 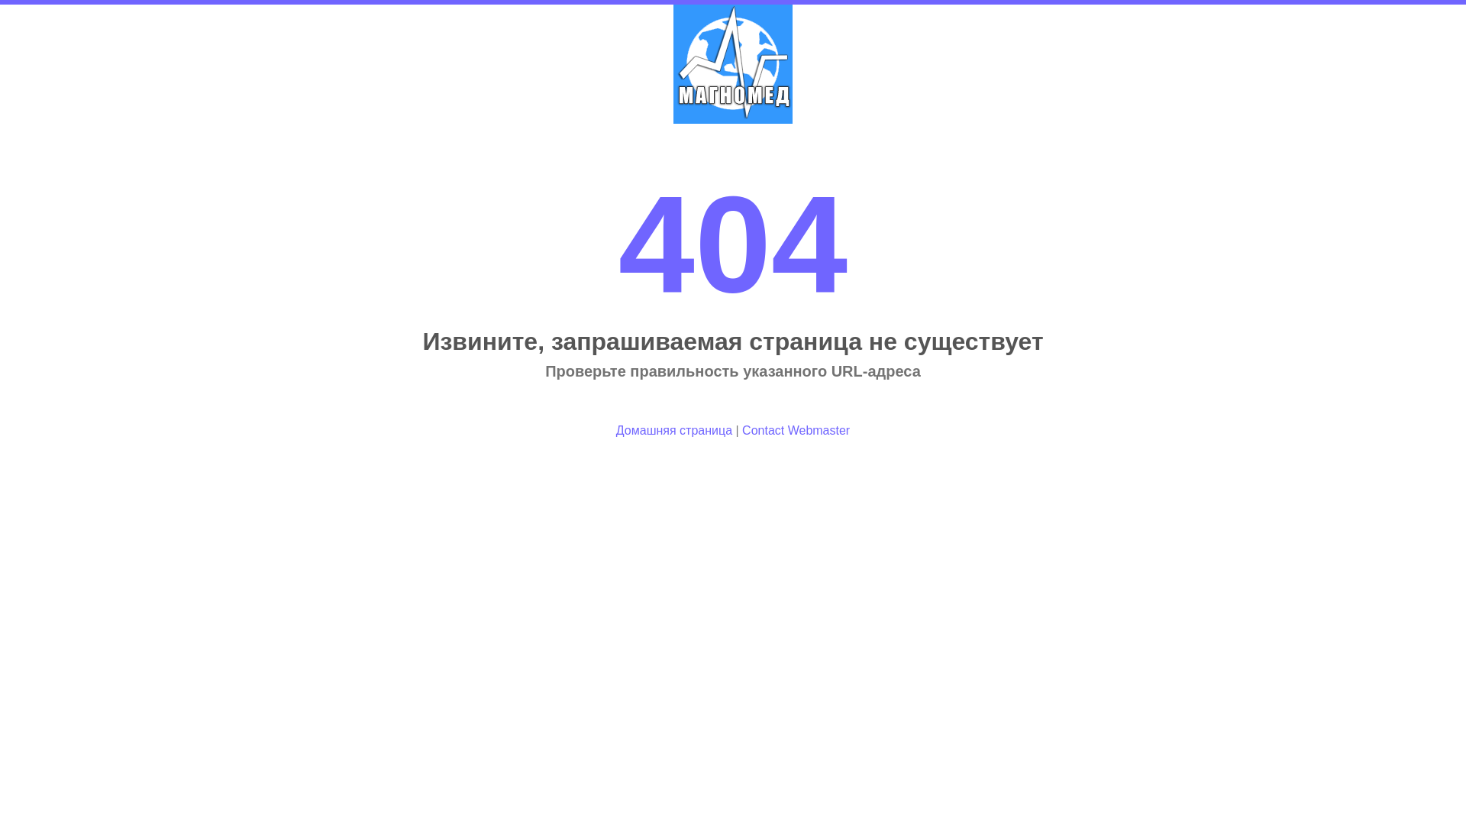 What do you see at coordinates (795, 430) in the screenshot?
I see `'Contact Webmaster'` at bounding box center [795, 430].